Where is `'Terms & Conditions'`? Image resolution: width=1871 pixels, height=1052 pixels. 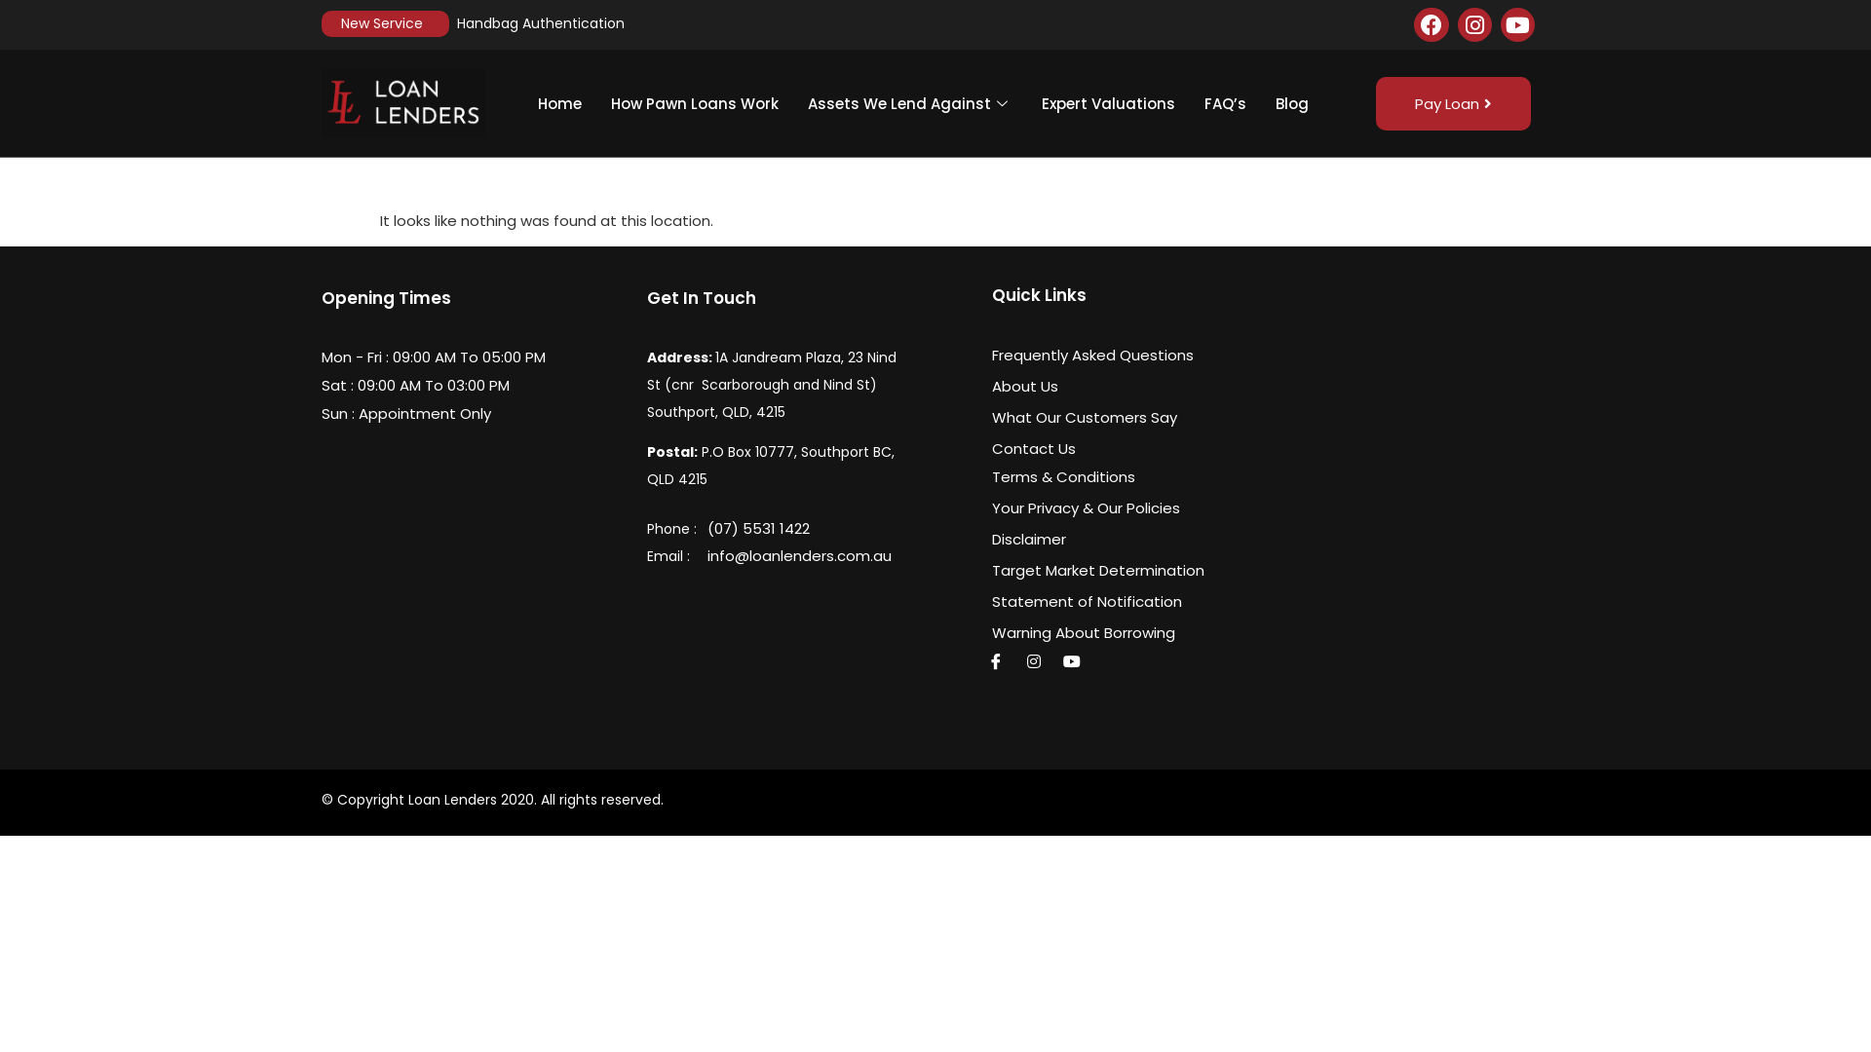
'Terms & Conditions' is located at coordinates (1112, 476).